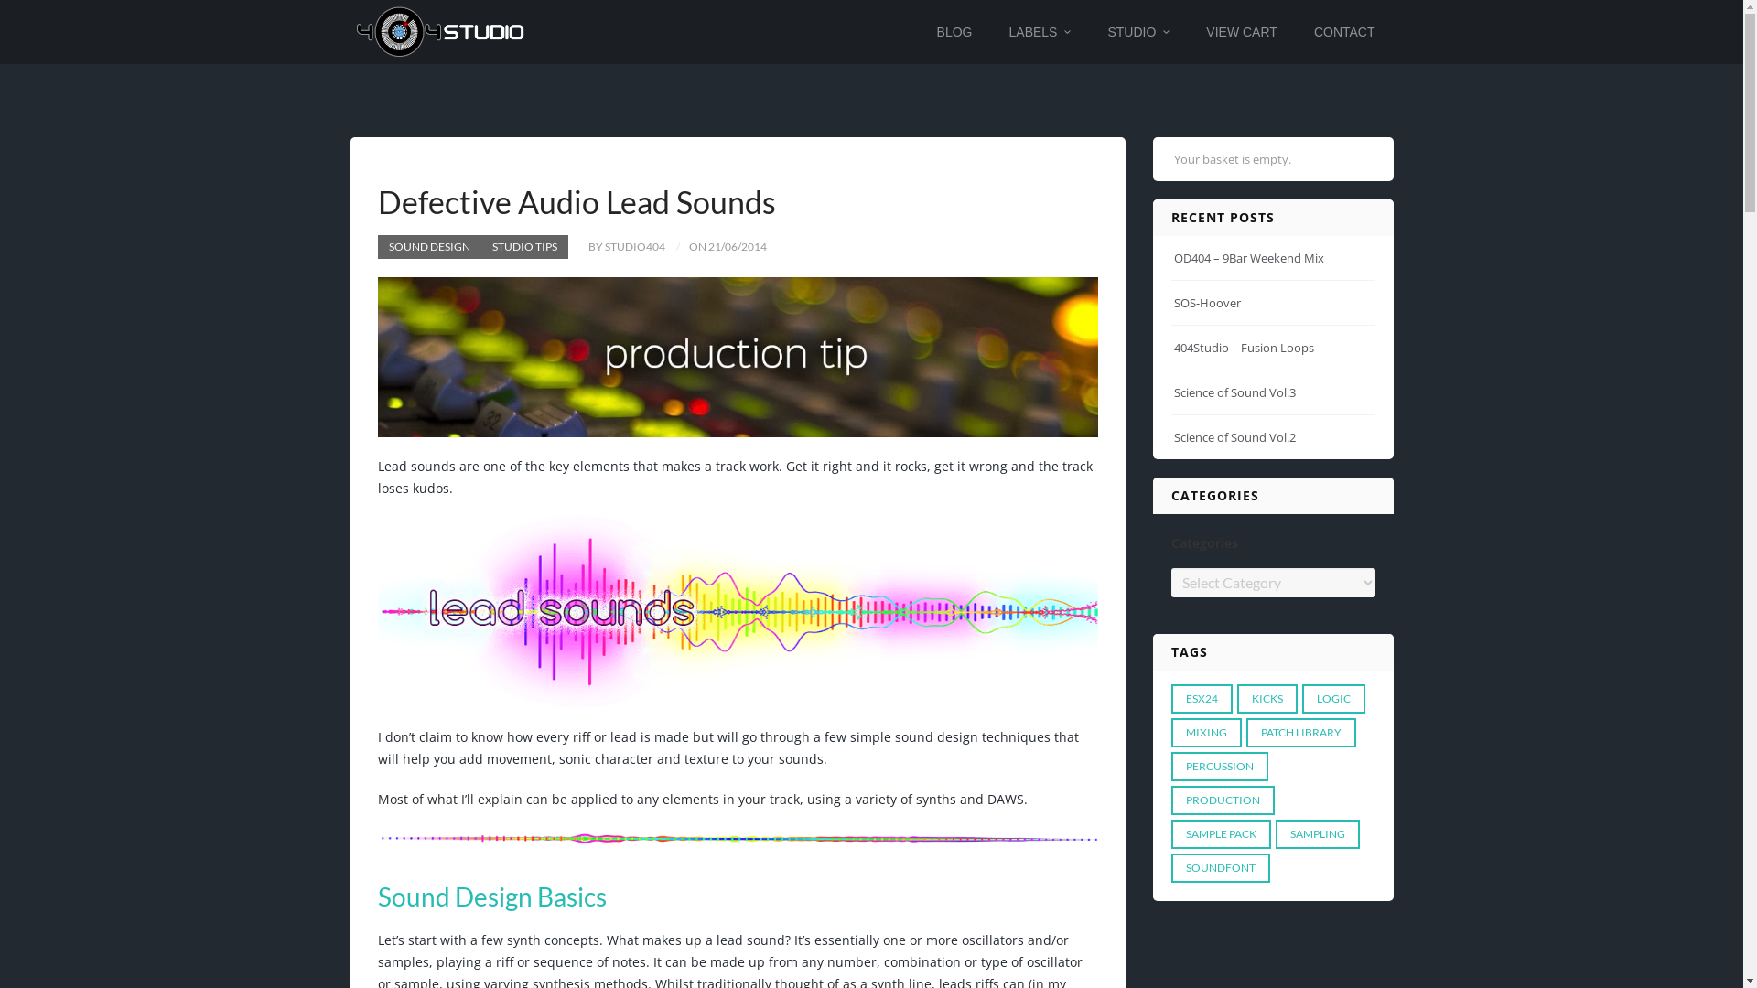 The height and width of the screenshot is (988, 1757). Describe the element at coordinates (1171, 766) in the screenshot. I see `'PERCUSSION'` at that location.